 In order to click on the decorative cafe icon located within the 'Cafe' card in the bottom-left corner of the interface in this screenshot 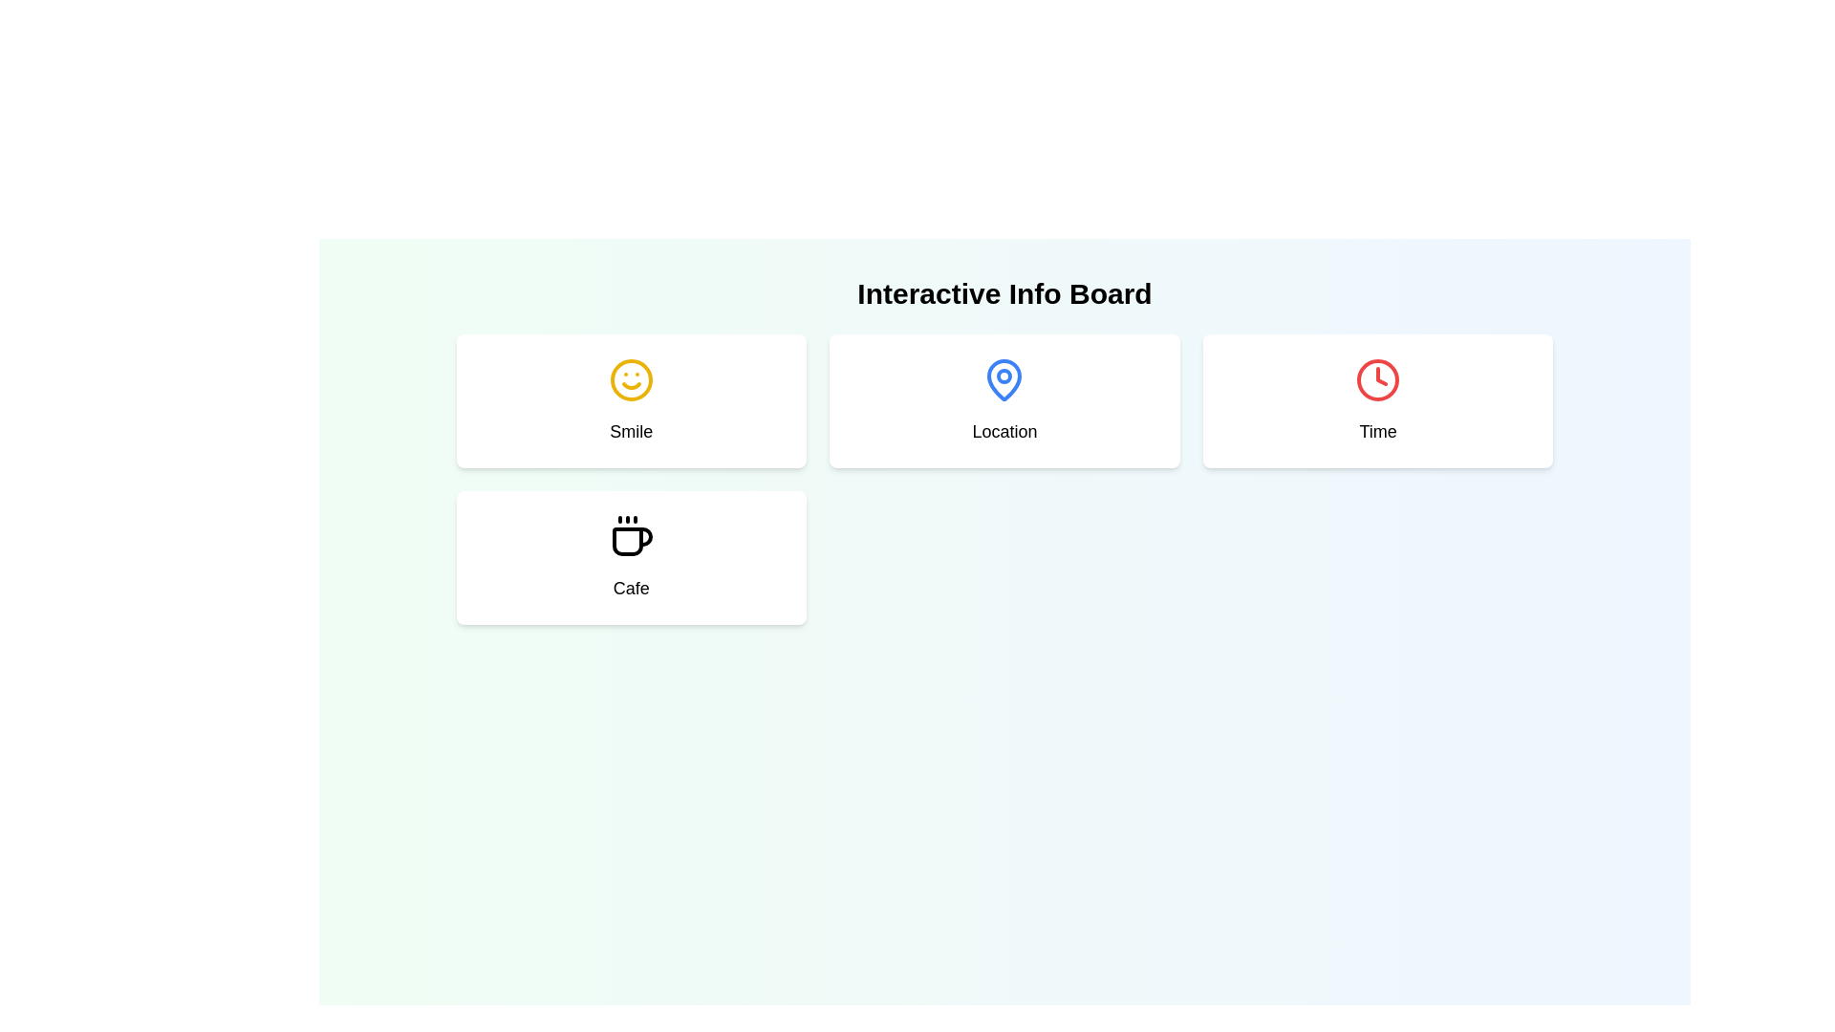, I will do `click(631, 537)`.